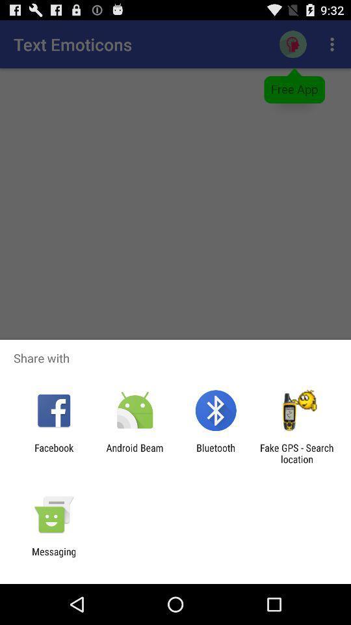 The image size is (351, 625). What do you see at coordinates (134, 453) in the screenshot?
I see `the item to the right of facebook app` at bounding box center [134, 453].